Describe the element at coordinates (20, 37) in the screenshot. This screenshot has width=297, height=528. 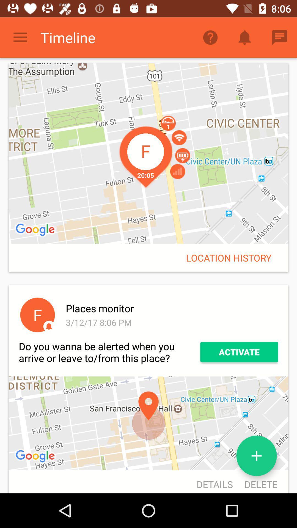
I see `icon next to timeline` at that location.